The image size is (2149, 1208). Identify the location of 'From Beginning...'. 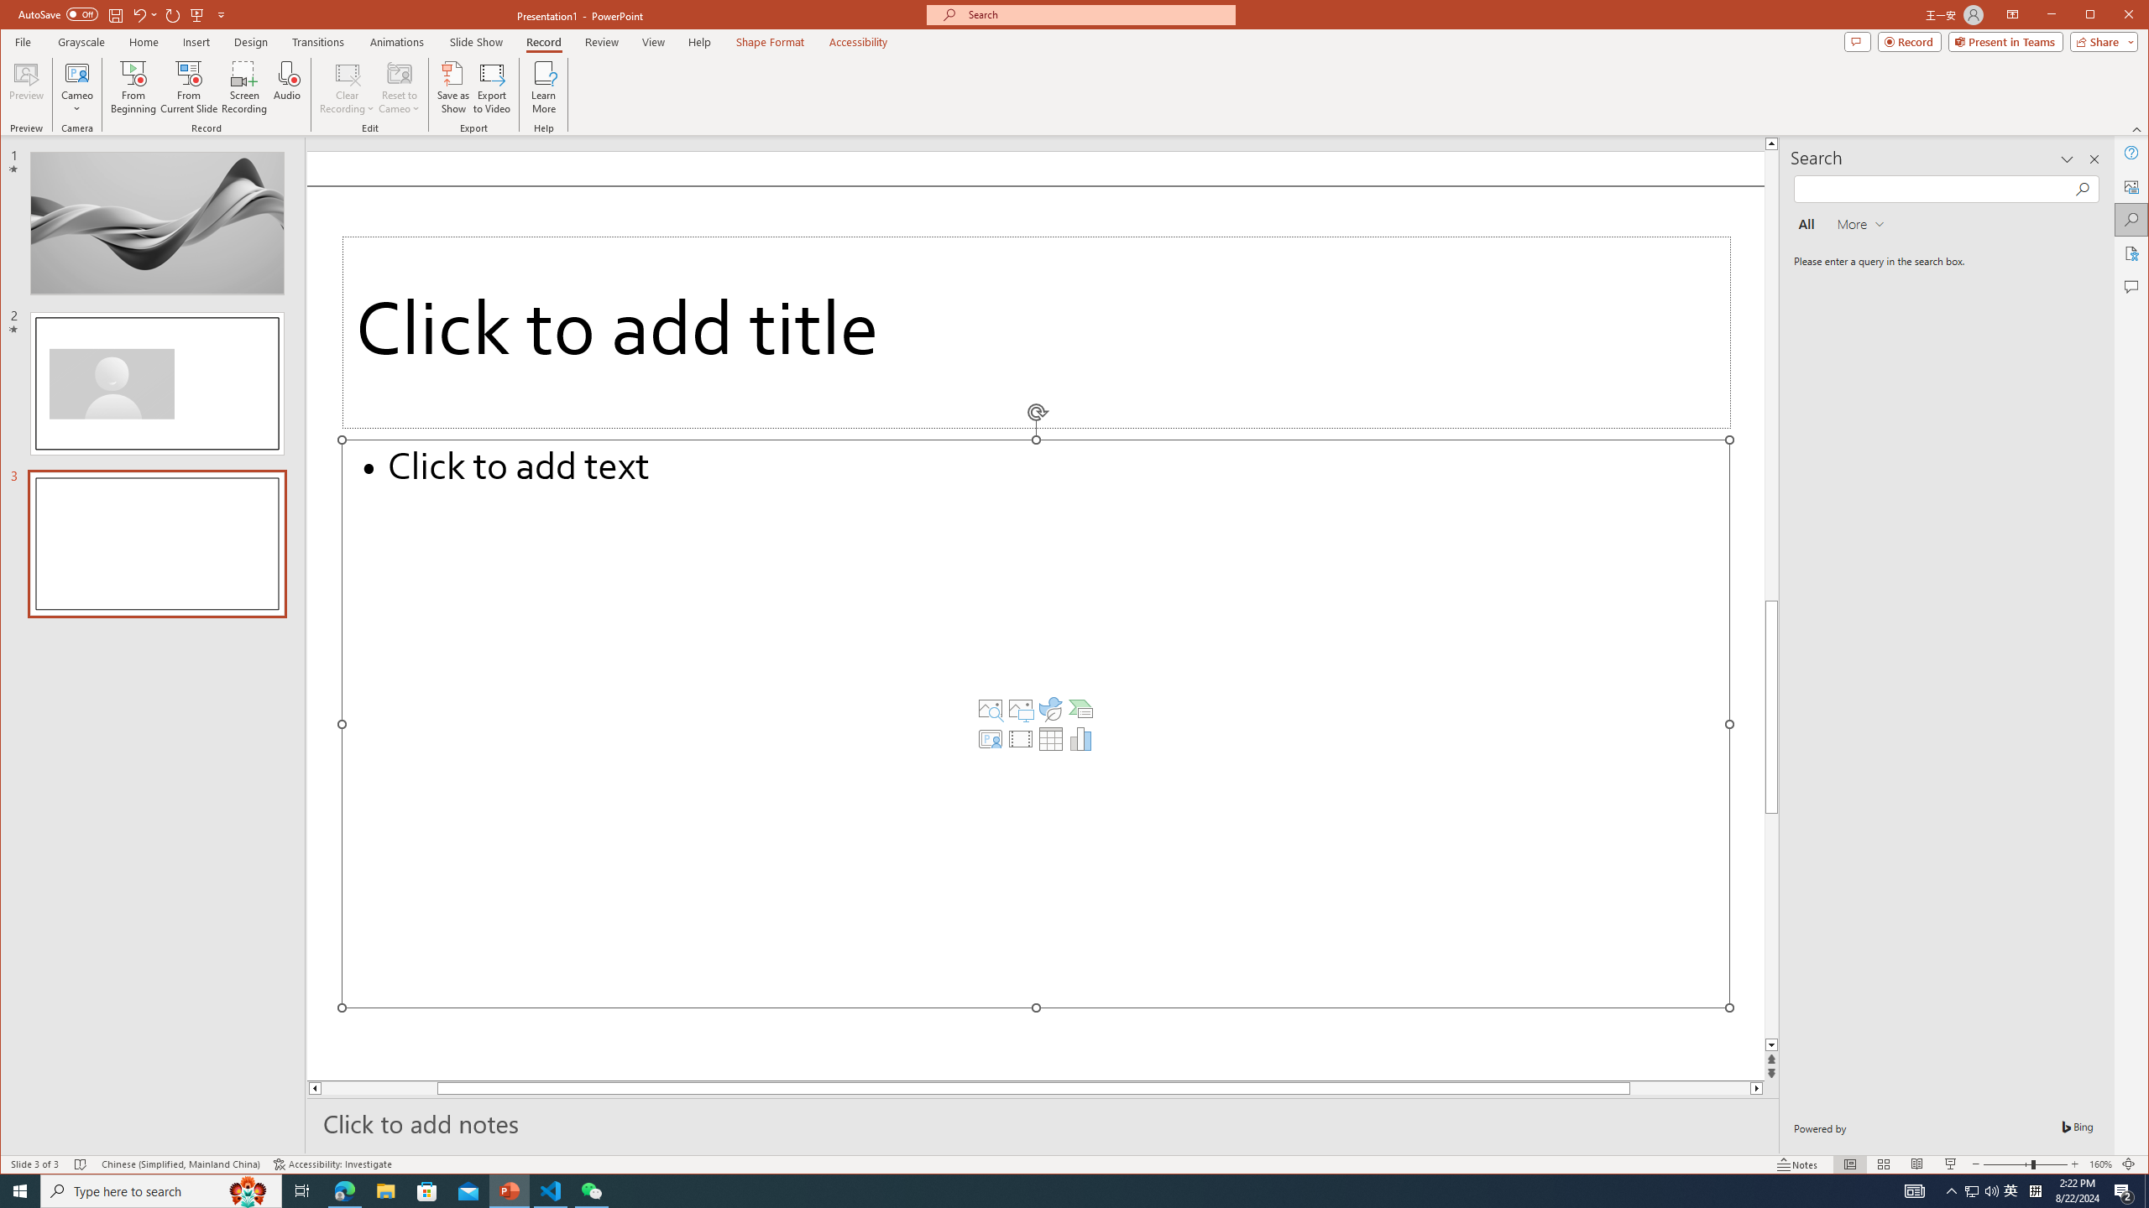
(133, 86).